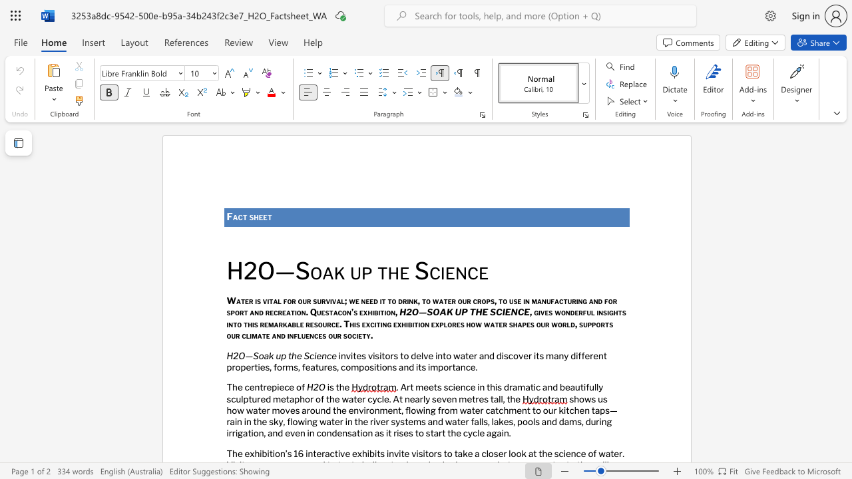 This screenshot has height=479, width=852. Describe the element at coordinates (351, 367) in the screenshot. I see `the space between the continuous character "o" and "m" in the text` at that location.